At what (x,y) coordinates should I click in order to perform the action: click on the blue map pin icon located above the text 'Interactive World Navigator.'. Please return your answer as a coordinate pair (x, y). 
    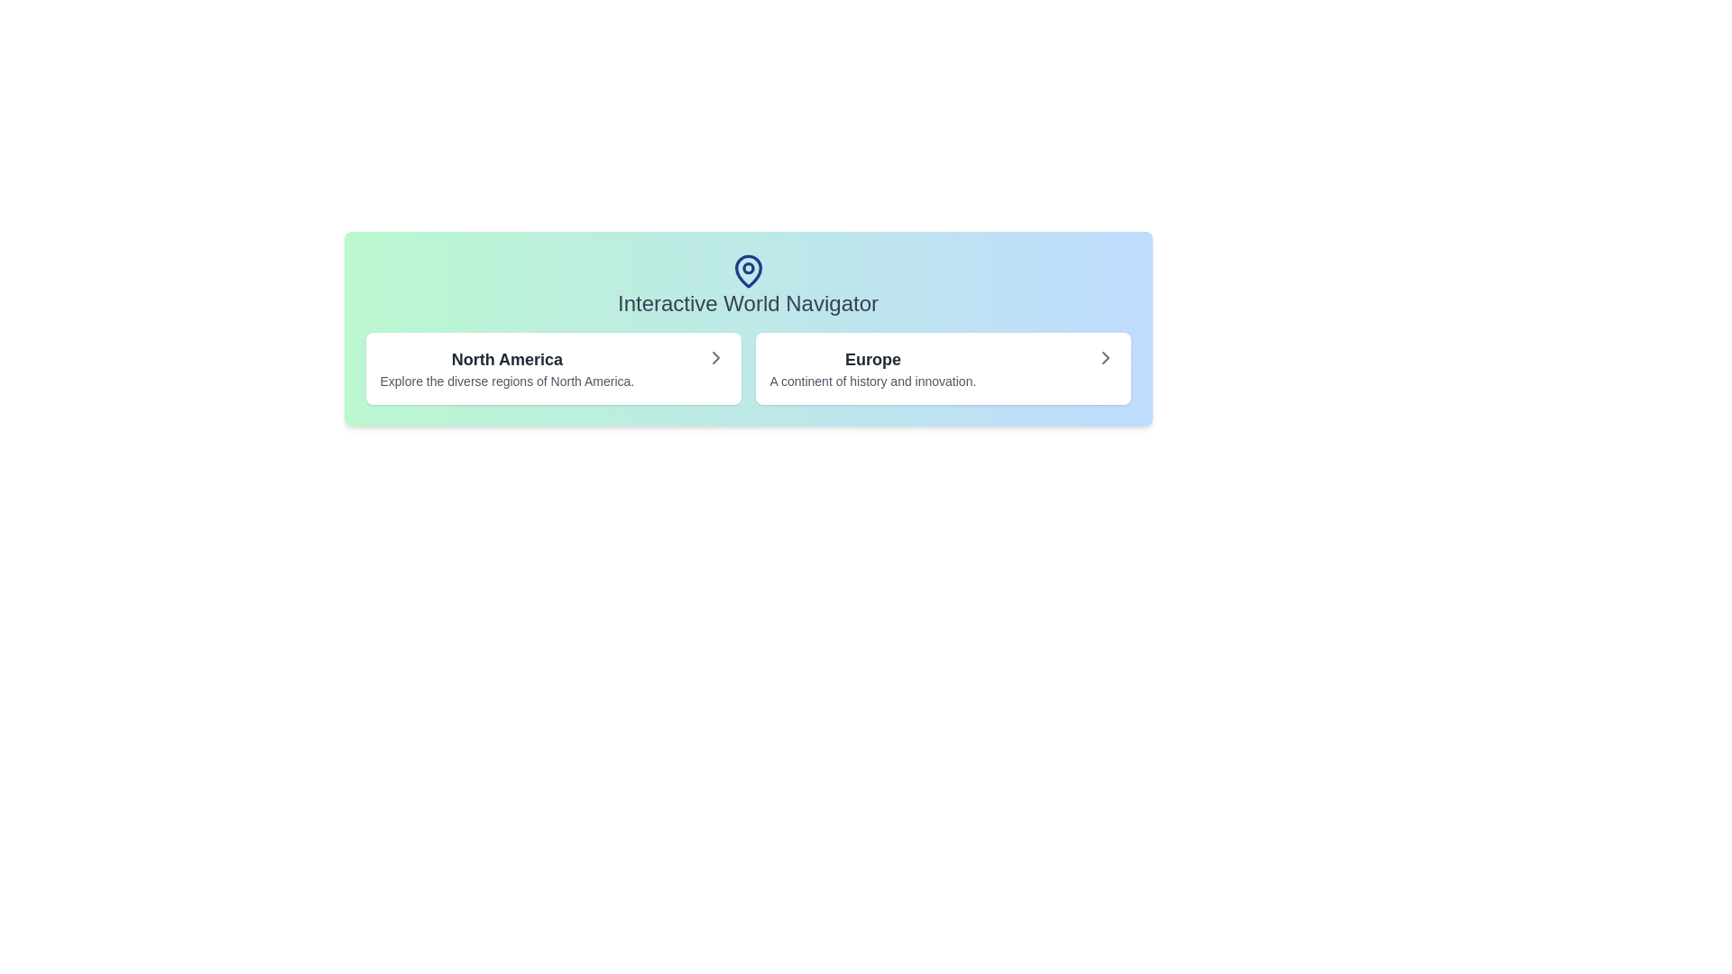
    Looking at the image, I should click on (748, 271).